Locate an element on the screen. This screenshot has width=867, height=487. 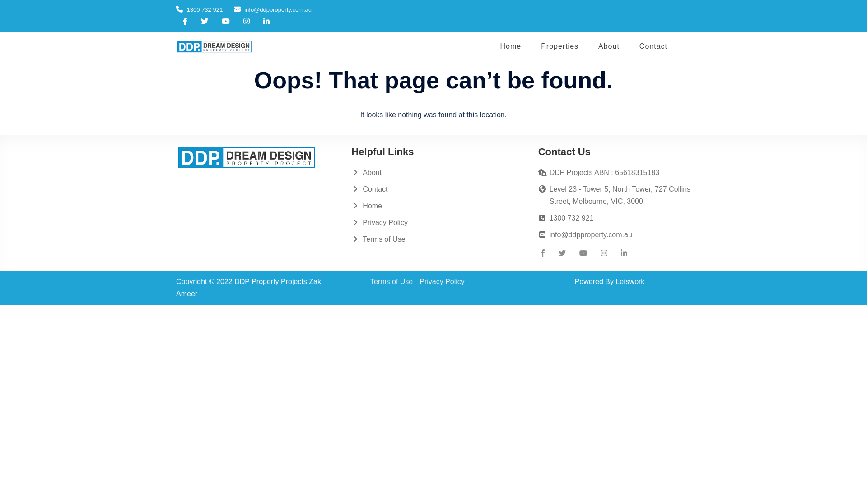
'1300 732 921' is located at coordinates (549, 218).